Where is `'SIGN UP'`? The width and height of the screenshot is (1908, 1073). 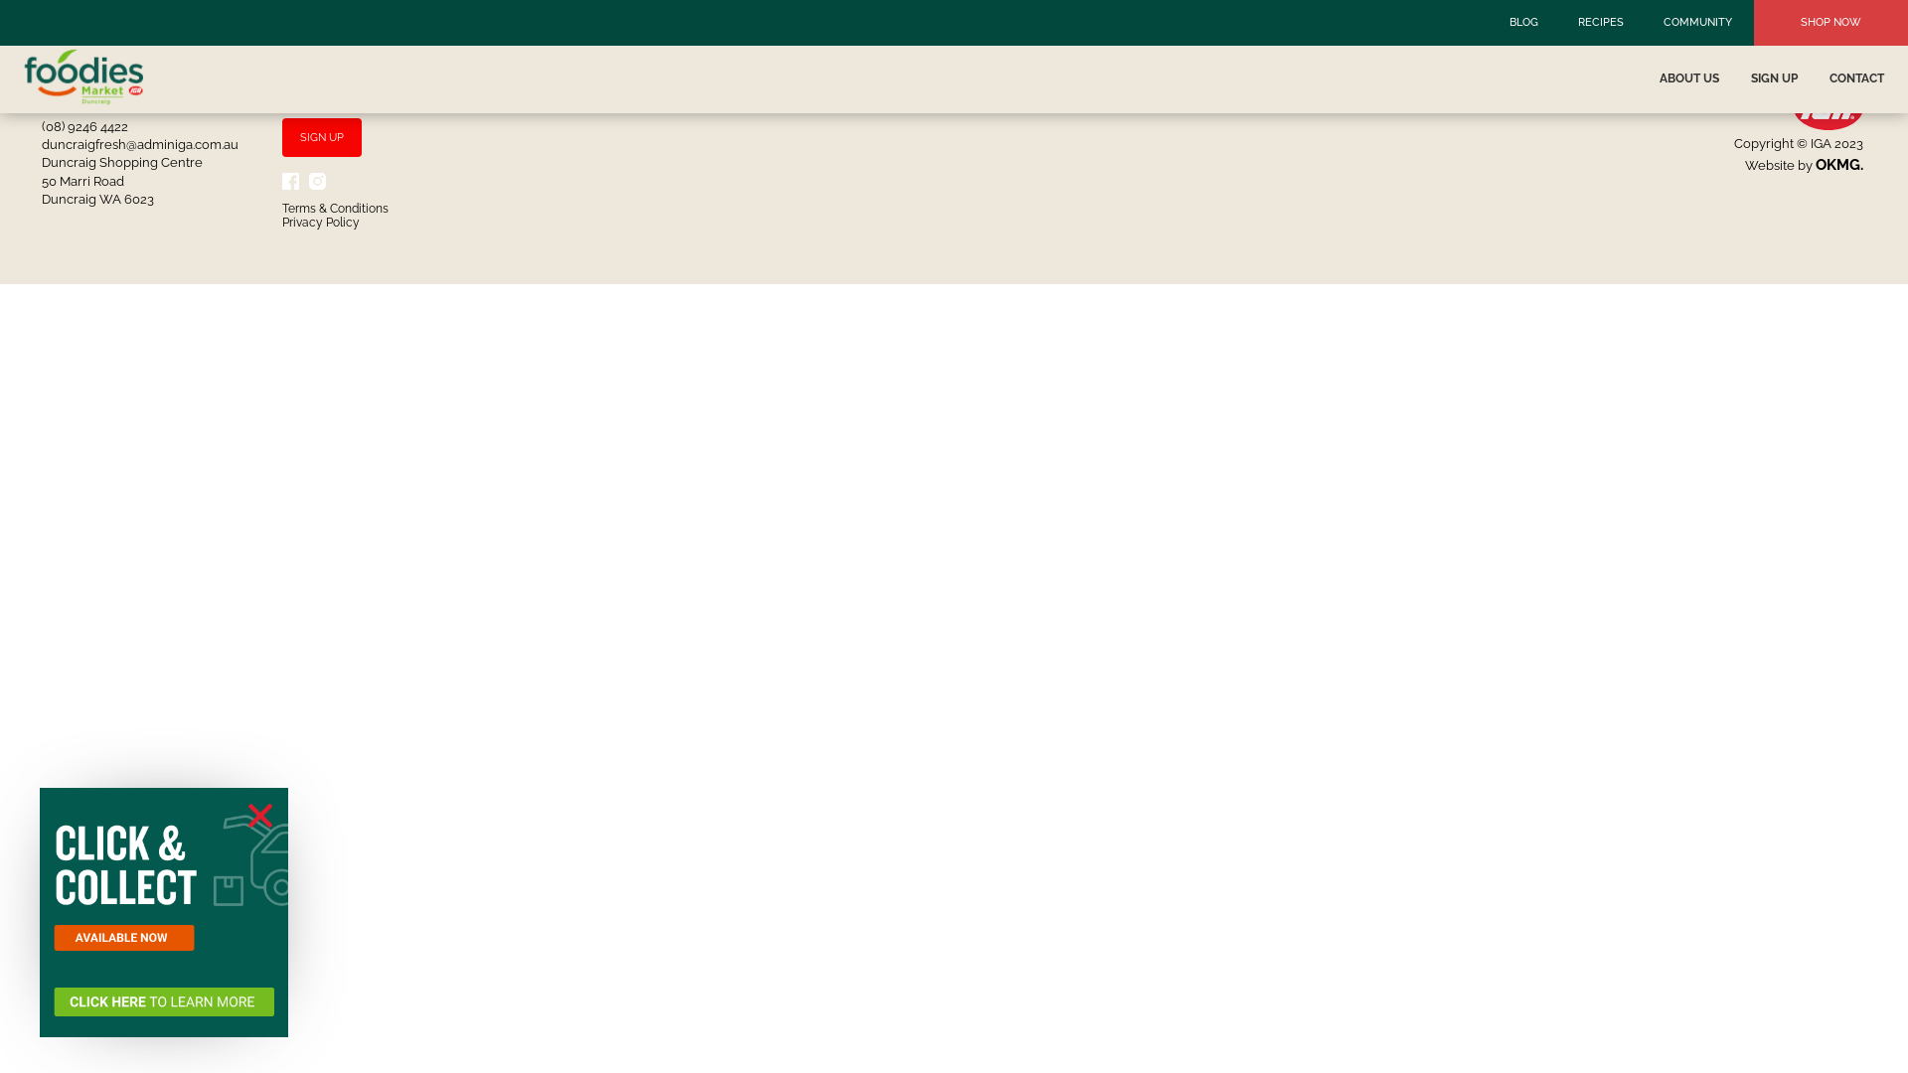 'SIGN UP' is located at coordinates (280, 136).